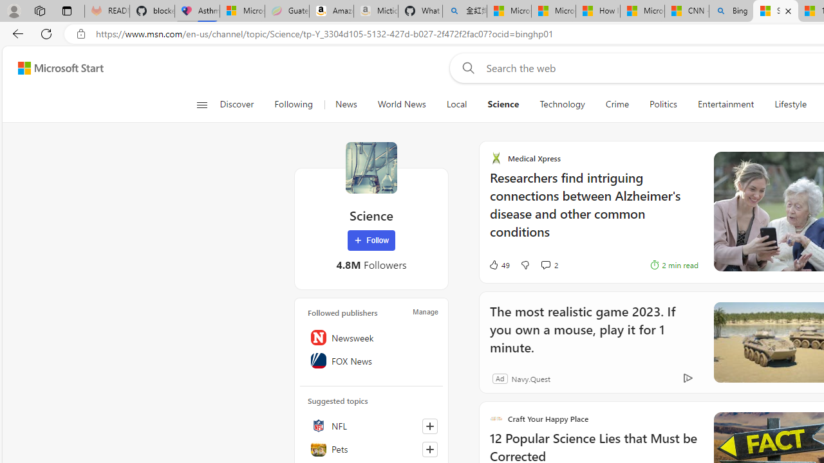  Describe the element at coordinates (616, 104) in the screenshot. I see `'Crime'` at that location.